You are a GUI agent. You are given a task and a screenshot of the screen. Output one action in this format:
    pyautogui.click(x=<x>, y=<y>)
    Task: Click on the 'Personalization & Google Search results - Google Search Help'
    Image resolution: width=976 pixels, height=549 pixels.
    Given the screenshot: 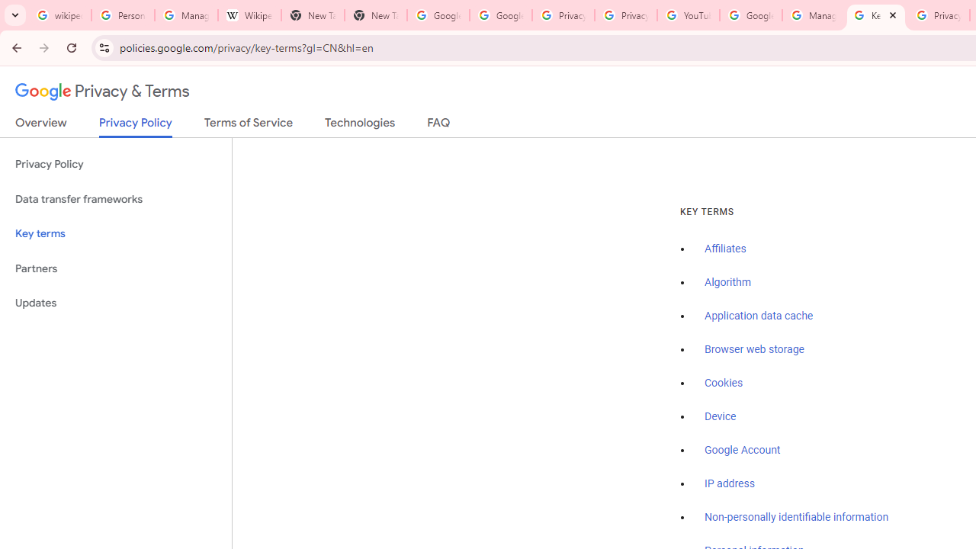 What is the action you would take?
    pyautogui.click(x=123, y=15)
    